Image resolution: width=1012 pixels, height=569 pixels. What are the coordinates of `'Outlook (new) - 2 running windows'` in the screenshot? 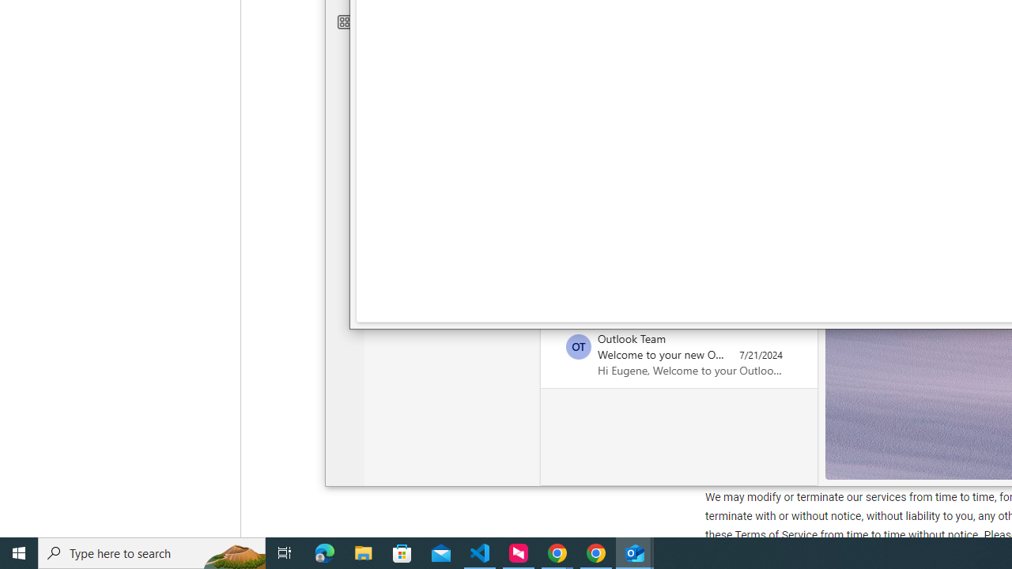 It's located at (635, 552).